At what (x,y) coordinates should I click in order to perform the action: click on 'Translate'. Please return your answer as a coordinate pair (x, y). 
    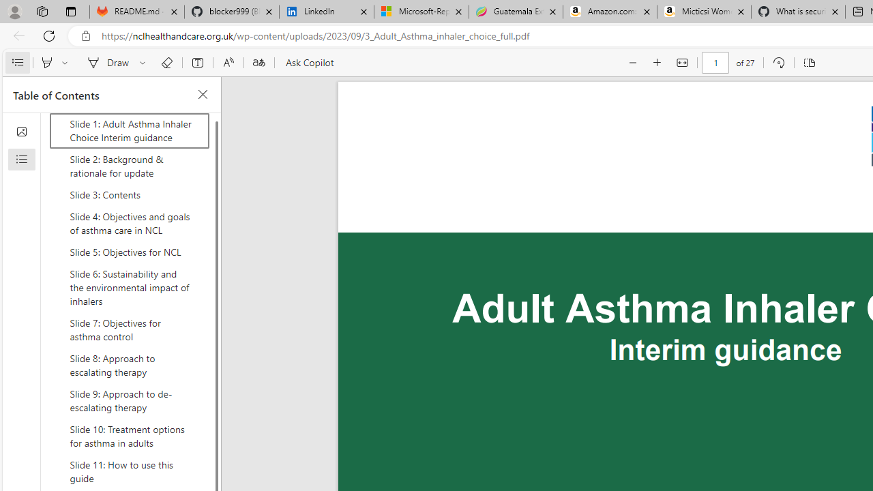
    Looking at the image, I should click on (258, 63).